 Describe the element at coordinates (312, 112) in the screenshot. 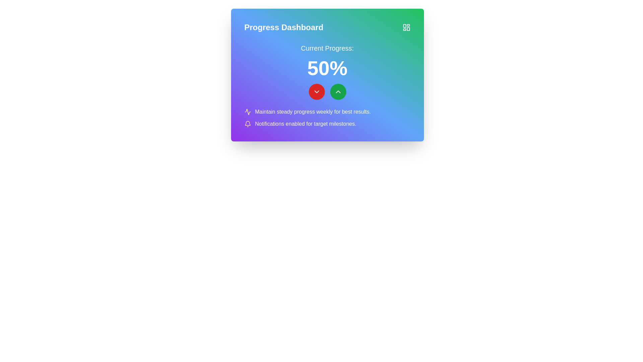

I see `the text label displaying 'Maintain steady progress weekly for best results.' which is positioned below the '50%' progress indicator and above another notification-related text in the central portion of the dashboard` at that location.